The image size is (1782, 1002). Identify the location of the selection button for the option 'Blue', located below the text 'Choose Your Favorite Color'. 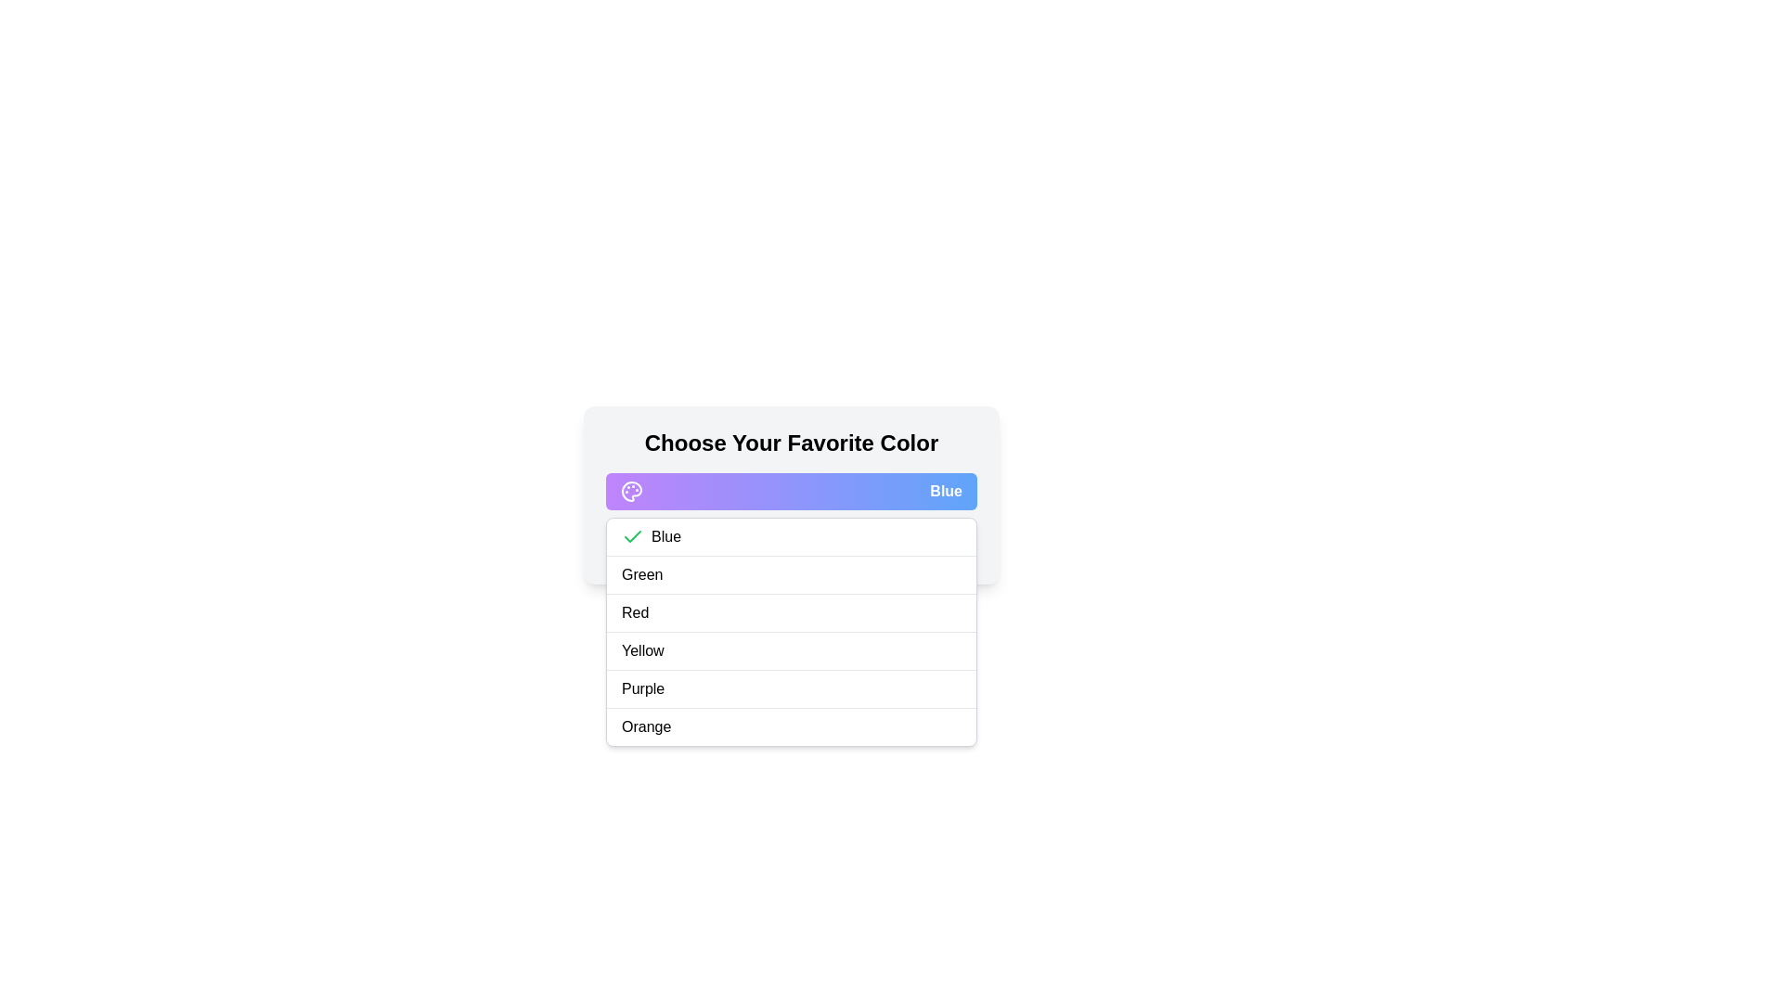
(792, 490).